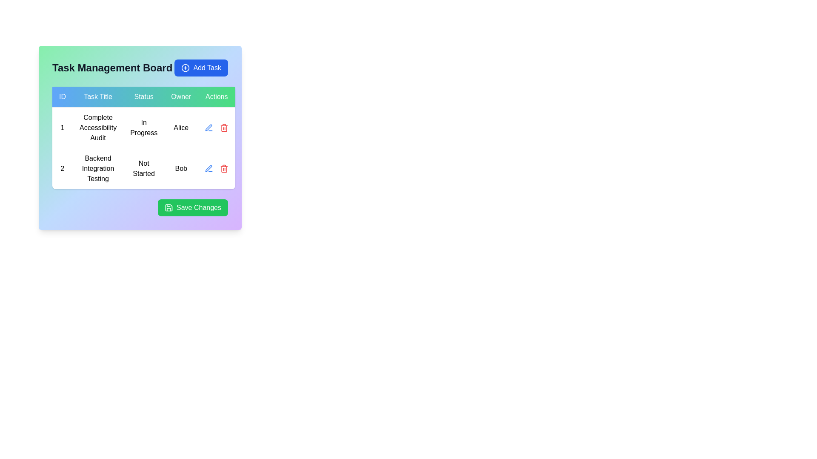 The width and height of the screenshot is (817, 459). Describe the element at coordinates (185, 67) in the screenshot. I see `the icon that indicates adding a new task, located at the top-right corner of the interface, next to the 'Task Management Board' title and within the 'Add Task' button group` at that location.